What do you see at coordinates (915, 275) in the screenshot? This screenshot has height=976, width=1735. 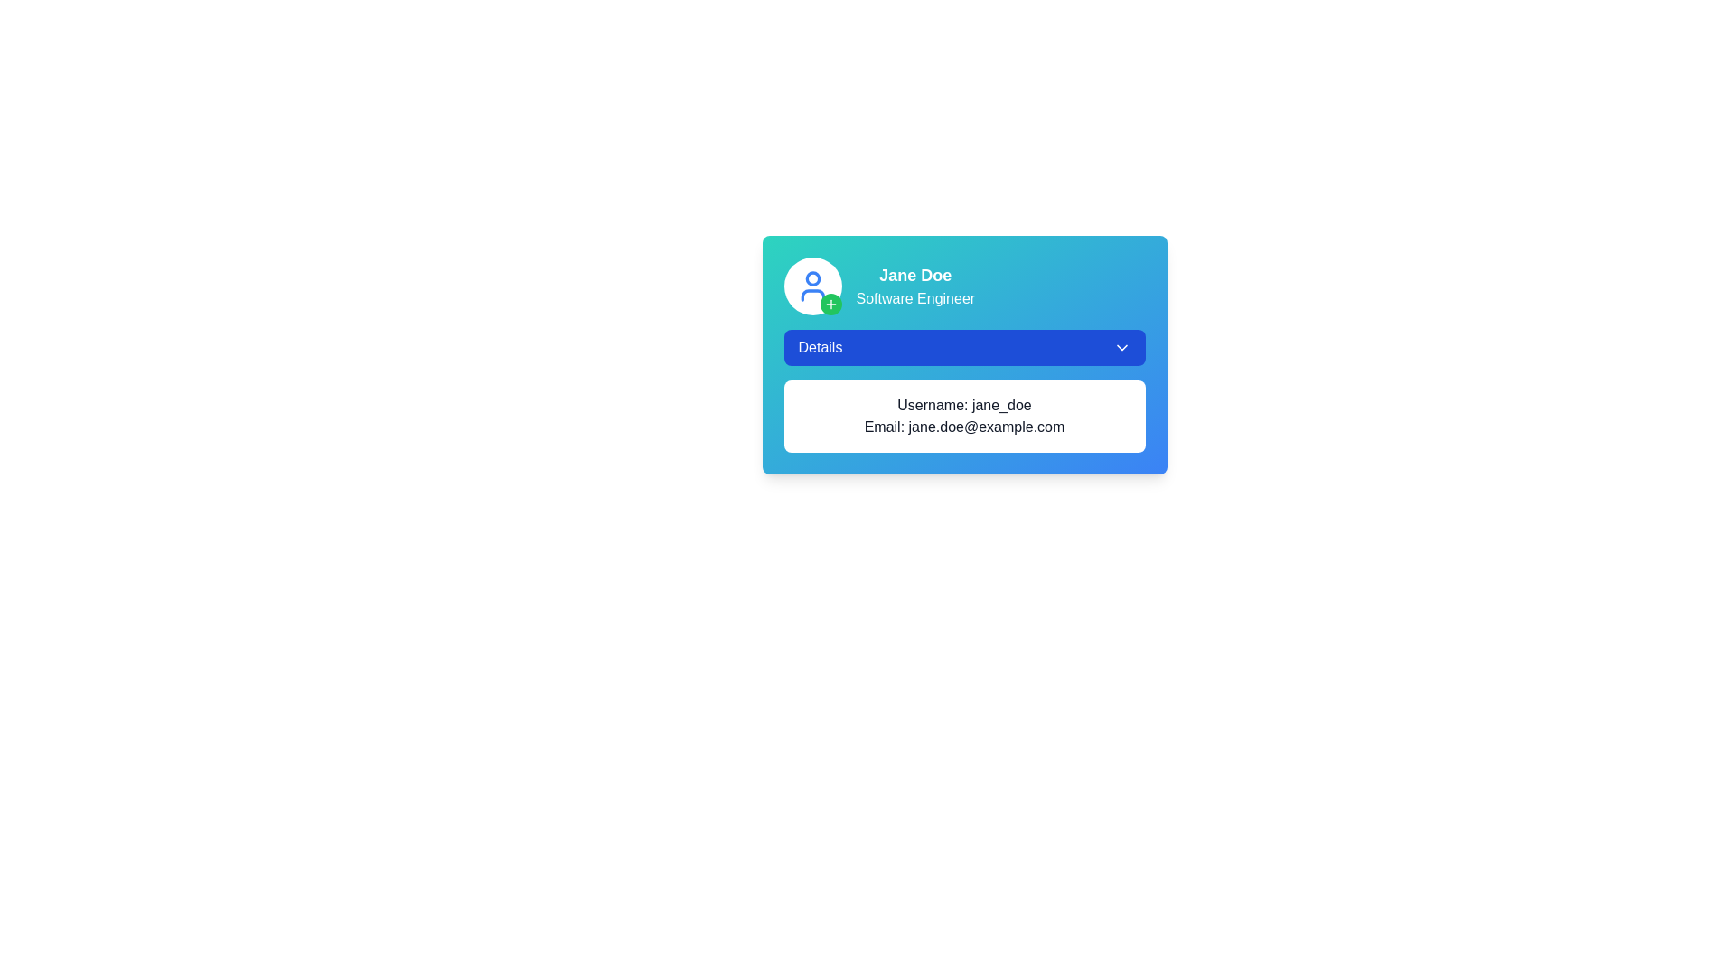 I see `text displayed in the user name Text Label, which is located at the top section of the card layout, above the 'Software Engineer' text and slightly to the right of the avatar image` at bounding box center [915, 275].